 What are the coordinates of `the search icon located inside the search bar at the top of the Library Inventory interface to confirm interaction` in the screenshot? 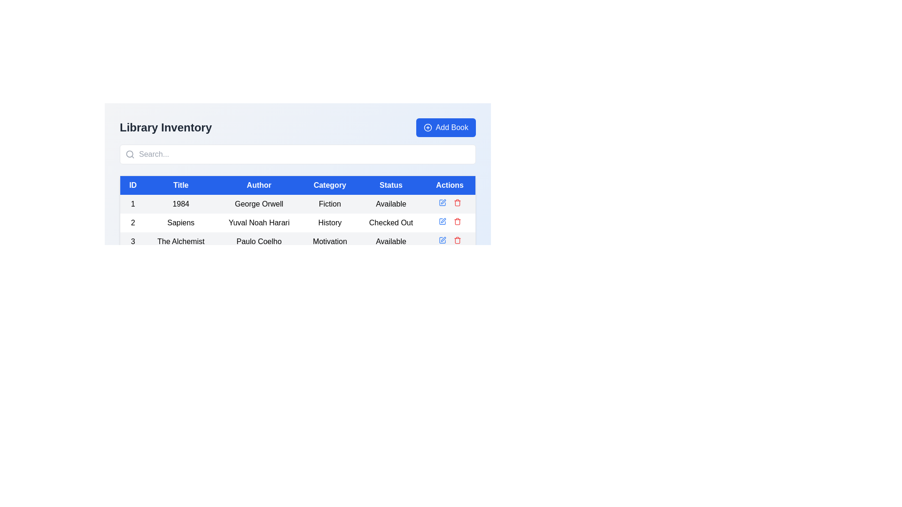 It's located at (130, 154).